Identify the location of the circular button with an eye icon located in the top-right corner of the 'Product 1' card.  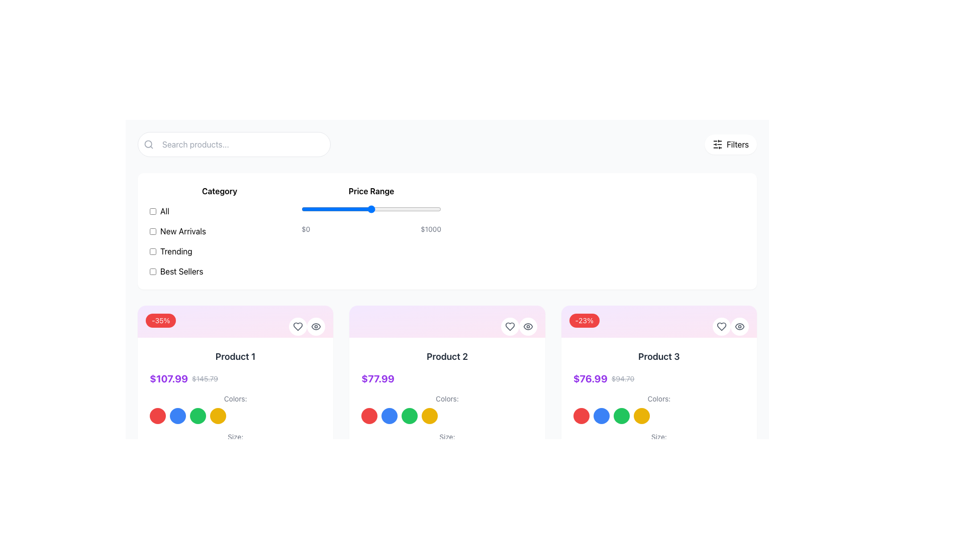
(316, 327).